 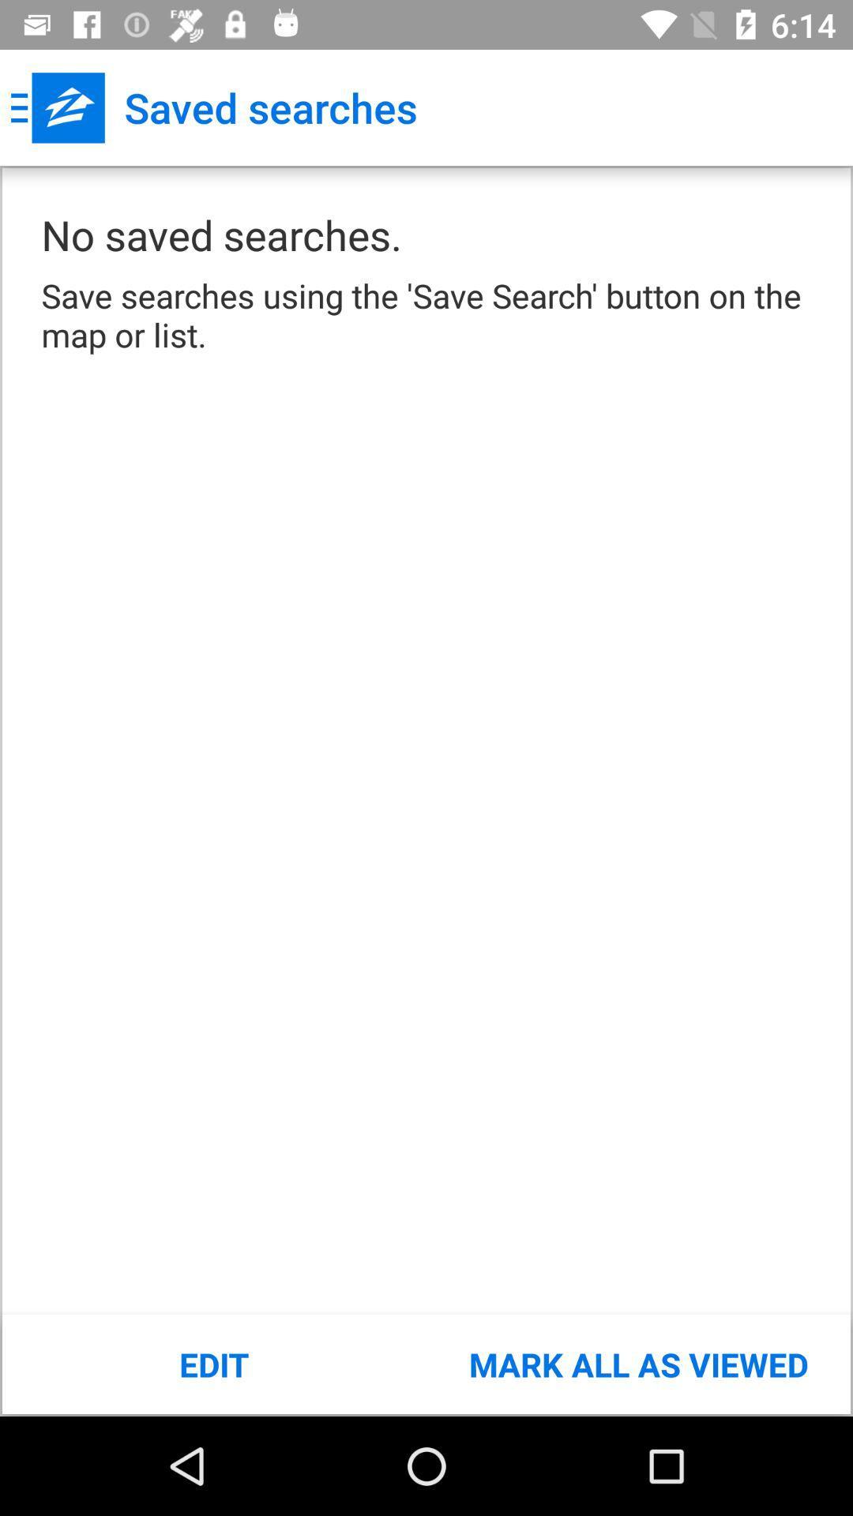 What do you see at coordinates (214, 1364) in the screenshot?
I see `the icon to the left of the mark all as icon` at bounding box center [214, 1364].